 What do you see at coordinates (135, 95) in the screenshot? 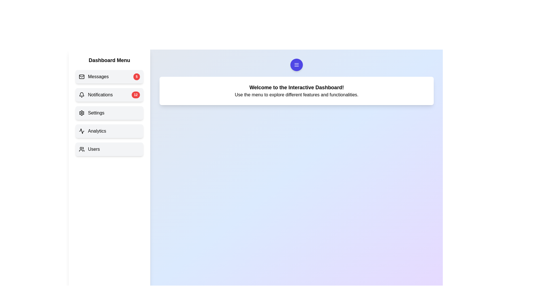
I see `the badge for Notifications to acknowledge it` at bounding box center [135, 95].